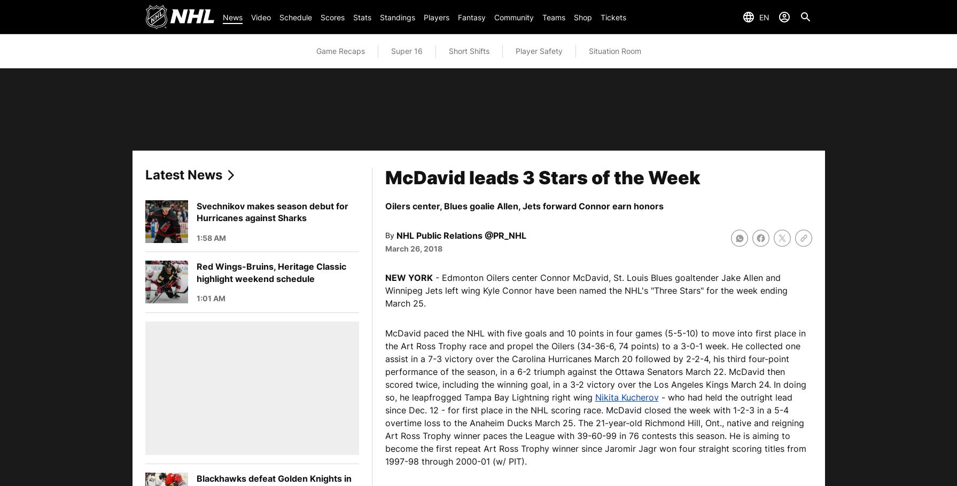 This screenshot has height=486, width=957. I want to click on 'Standings', so click(397, 16).